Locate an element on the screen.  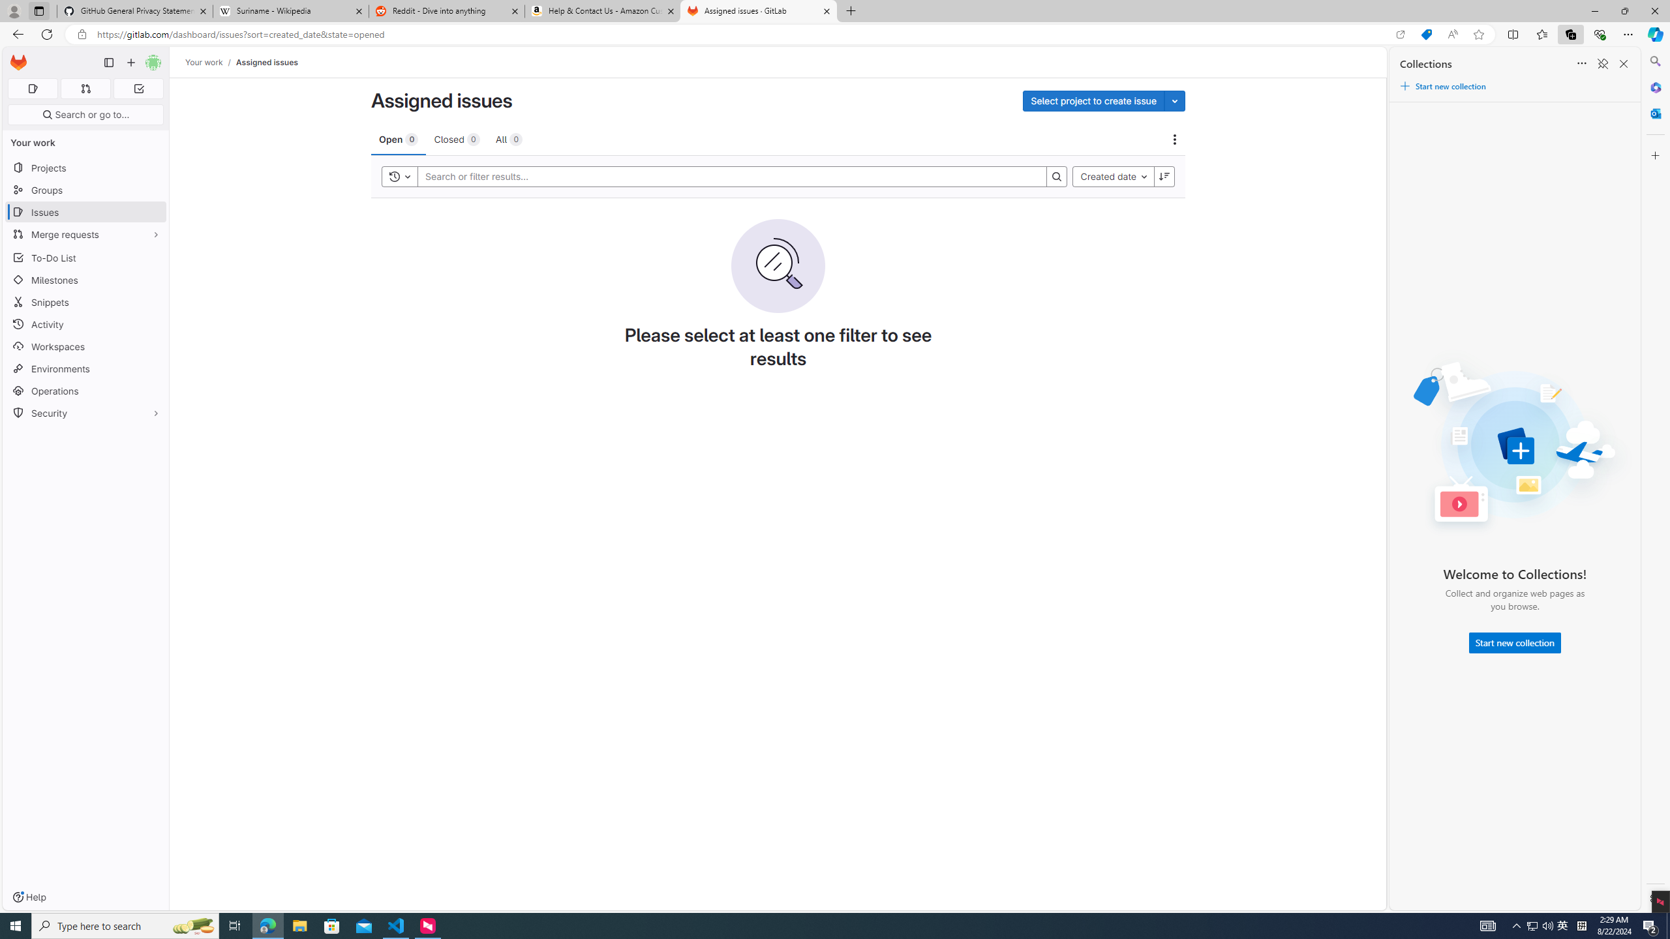
'Activity' is located at coordinates (85, 324).